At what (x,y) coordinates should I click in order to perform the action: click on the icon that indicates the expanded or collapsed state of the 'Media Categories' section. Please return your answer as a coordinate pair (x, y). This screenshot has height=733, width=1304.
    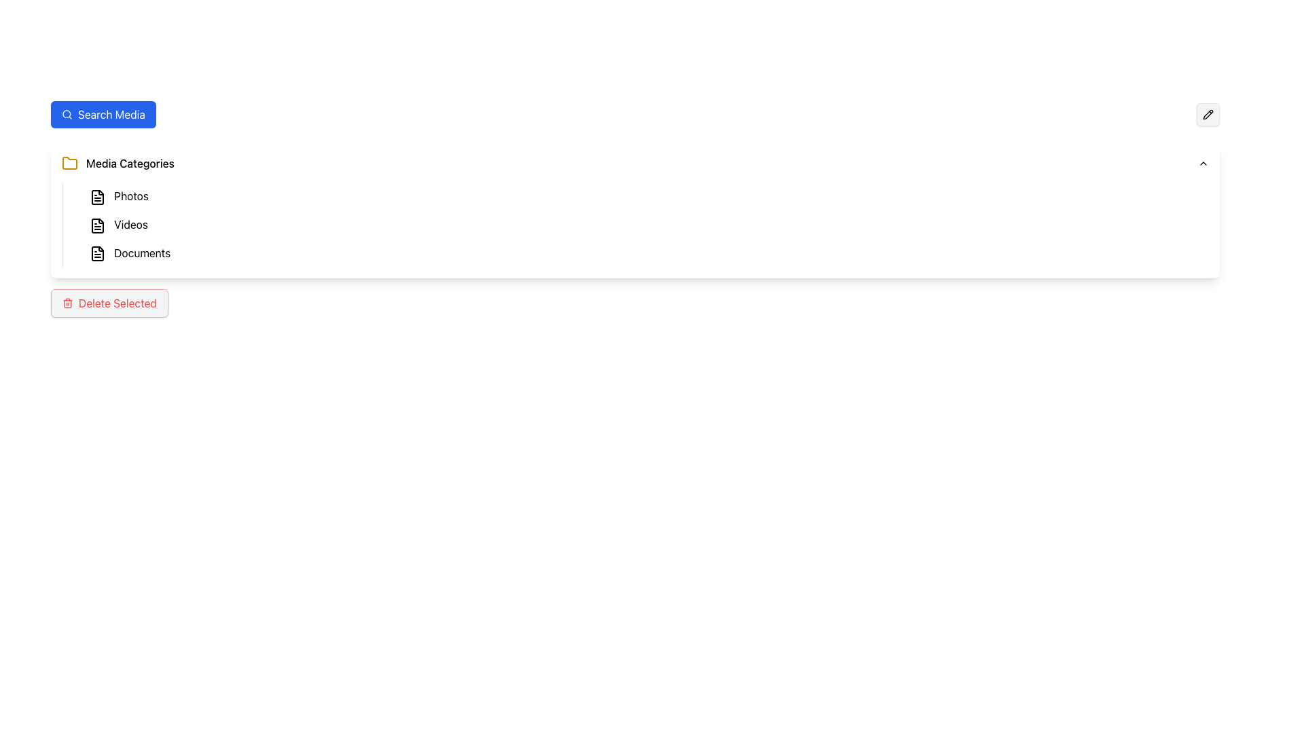
    Looking at the image, I should click on (1203, 162).